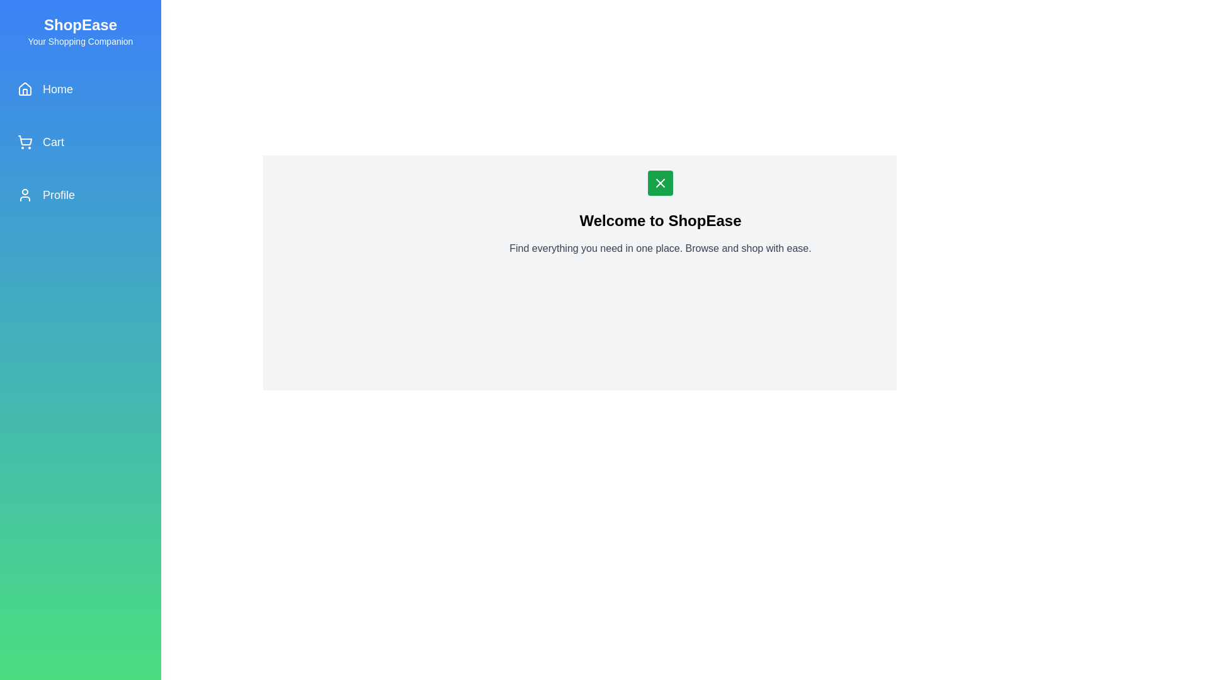  What do you see at coordinates (80, 142) in the screenshot?
I see `the second selectable item in the vertical sidebar navigation menu, which serves as a navigation link to the user's shopping cart` at bounding box center [80, 142].